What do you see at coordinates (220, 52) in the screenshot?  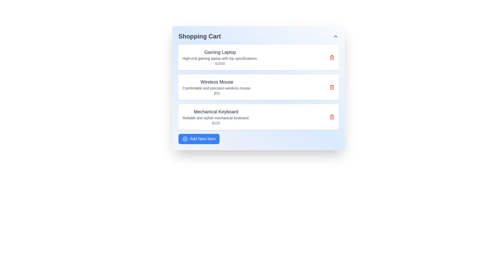 I see `the text label displaying 'Gaming Laptop' which is bold and larger than adjacent text, located at the top of a list item in the shopping cart interface` at bounding box center [220, 52].